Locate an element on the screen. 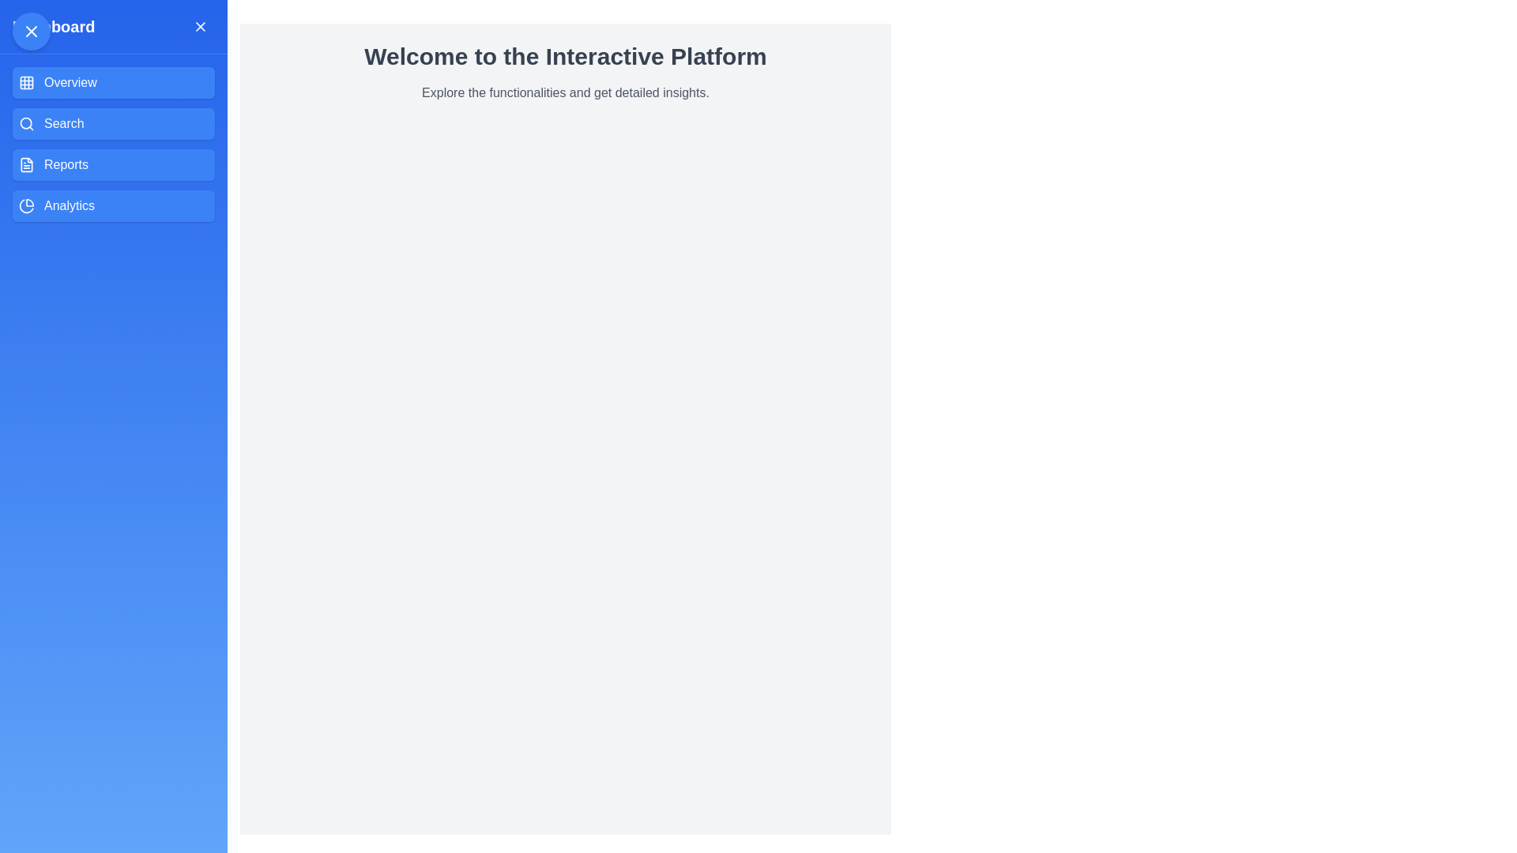  the menu option Analytics to navigate to the corresponding section is located at coordinates (113, 205).